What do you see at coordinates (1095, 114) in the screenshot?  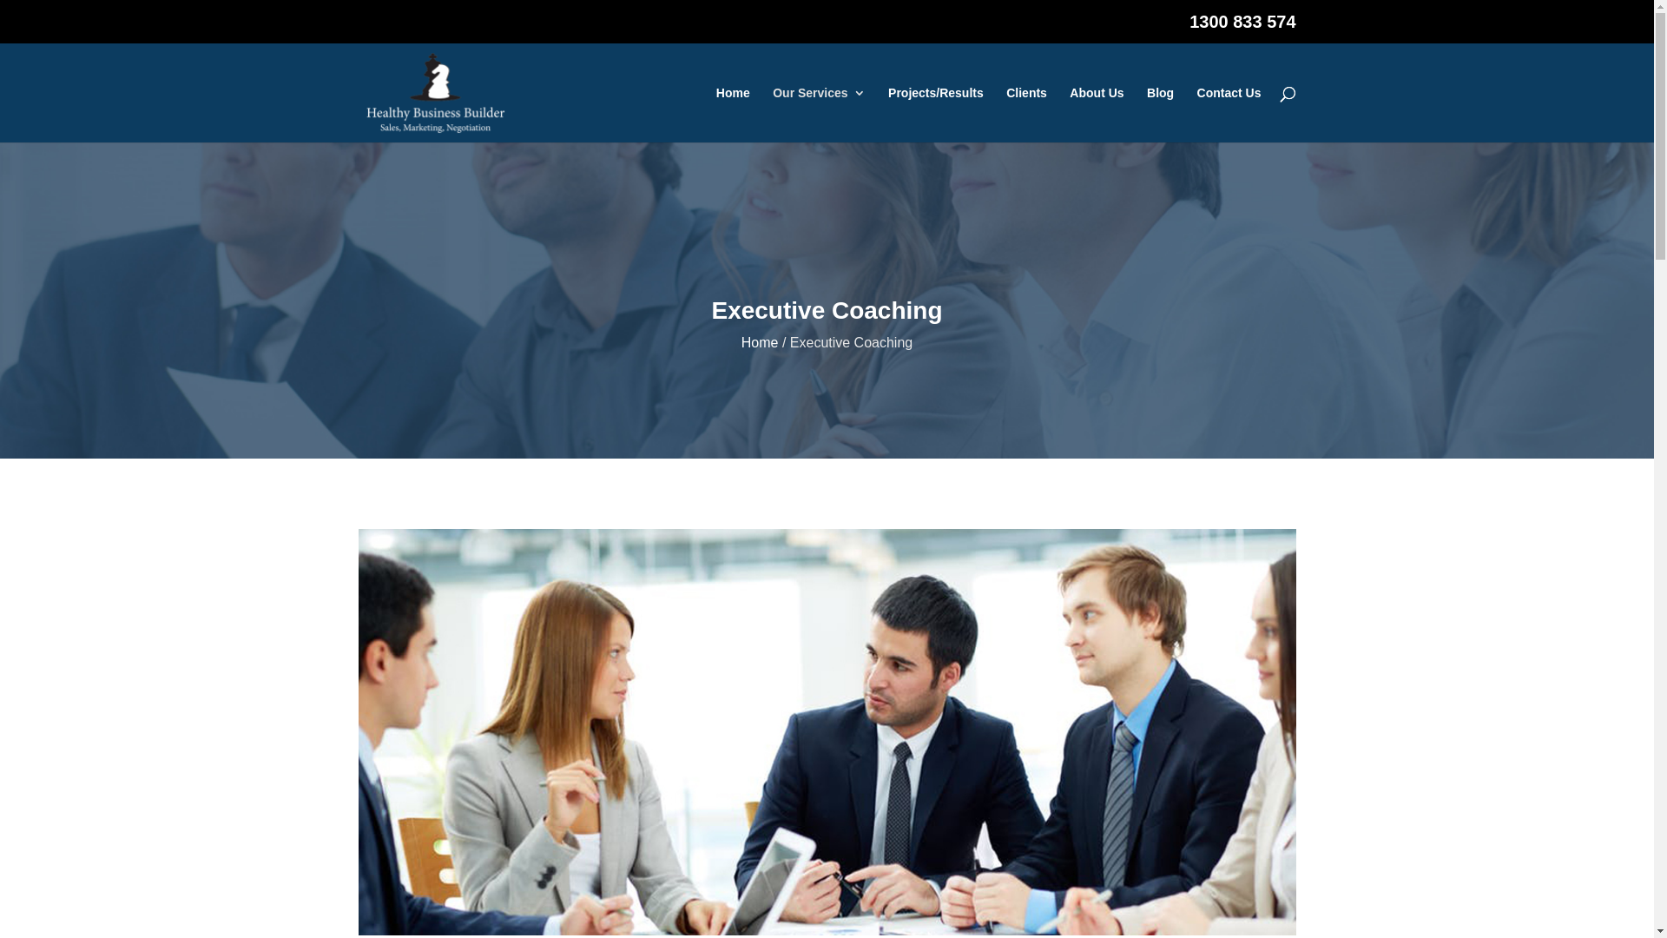 I see `'About Us'` at bounding box center [1095, 114].